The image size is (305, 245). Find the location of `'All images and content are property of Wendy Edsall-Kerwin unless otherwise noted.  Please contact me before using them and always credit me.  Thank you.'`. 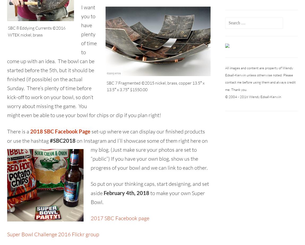

'All images and content are property of Wendy Edsall-Kerwin unless otherwise noted.  Please contact me before using them and always credit me.  Thank you.' is located at coordinates (260, 78).